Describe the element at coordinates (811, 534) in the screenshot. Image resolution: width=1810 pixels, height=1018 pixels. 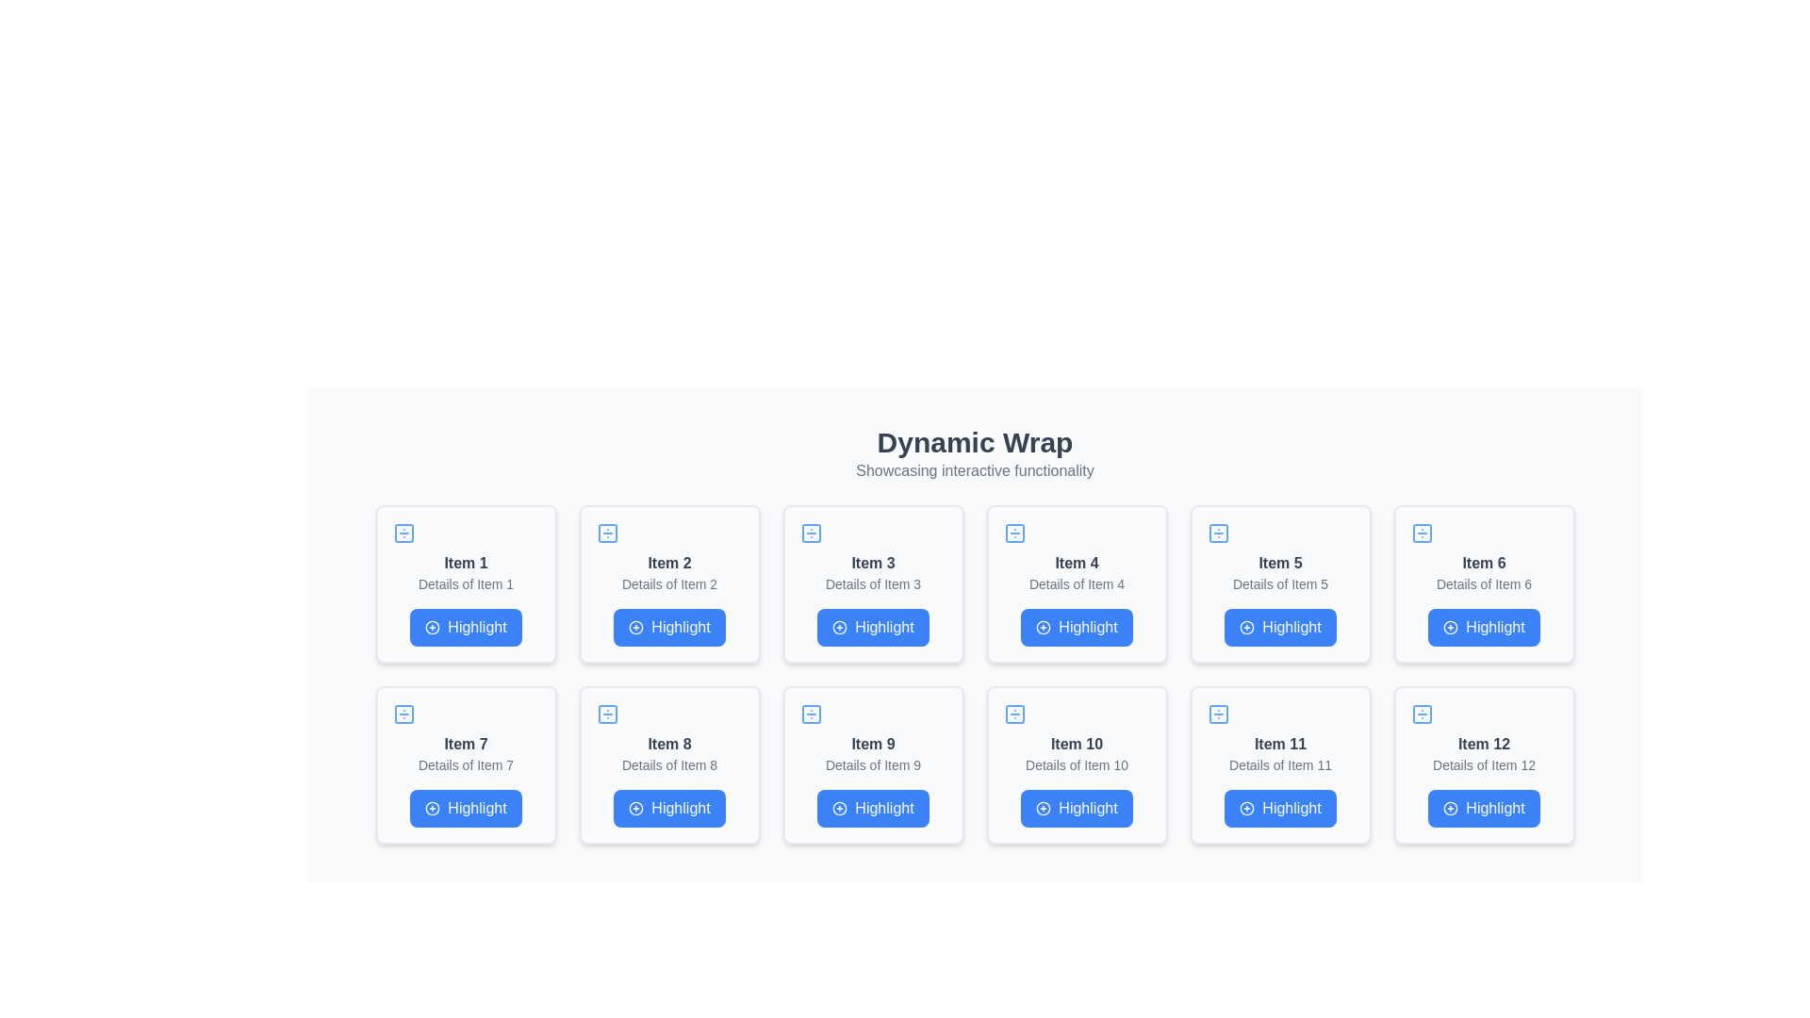
I see `the small, square-shaped icon with rounded corners located in the top-left corner of the 'Item 3' card in the grid layout` at that location.